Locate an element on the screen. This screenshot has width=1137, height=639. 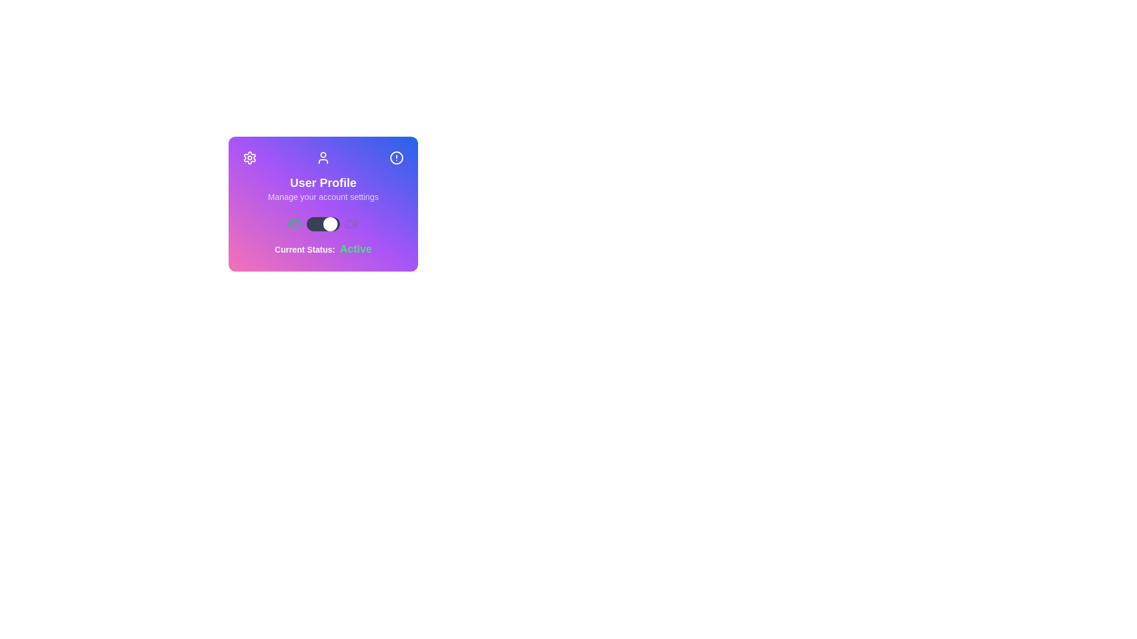
rectangular SVG element that serves as the background for the inactive state of the toggle switch, located on the right side of the toggle area is located at coordinates (351, 224).